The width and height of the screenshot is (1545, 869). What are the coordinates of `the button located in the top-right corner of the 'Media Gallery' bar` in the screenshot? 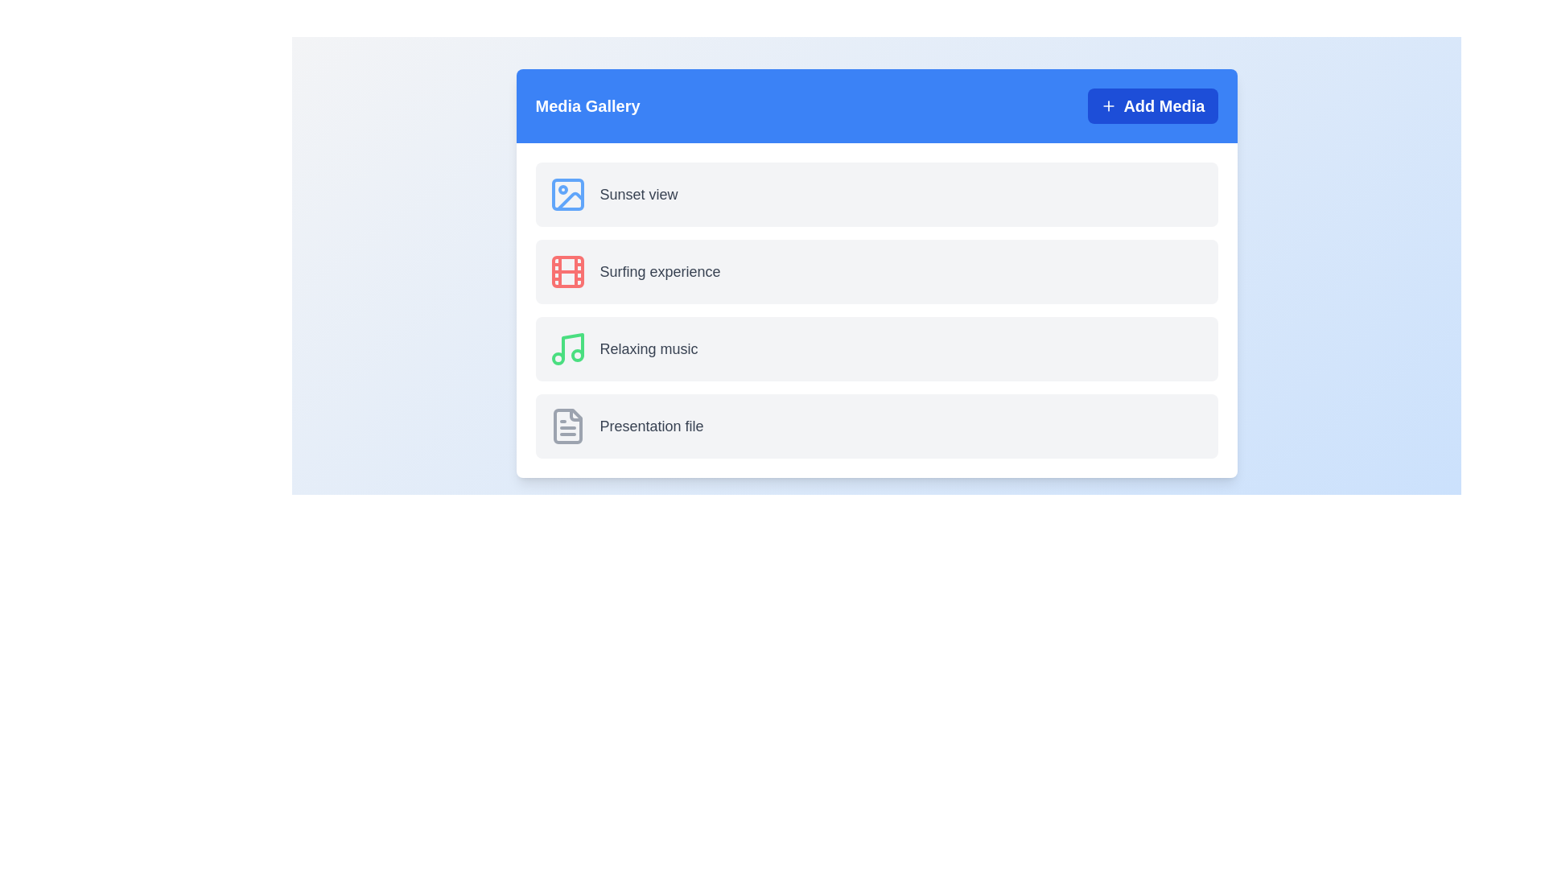 It's located at (1152, 105).